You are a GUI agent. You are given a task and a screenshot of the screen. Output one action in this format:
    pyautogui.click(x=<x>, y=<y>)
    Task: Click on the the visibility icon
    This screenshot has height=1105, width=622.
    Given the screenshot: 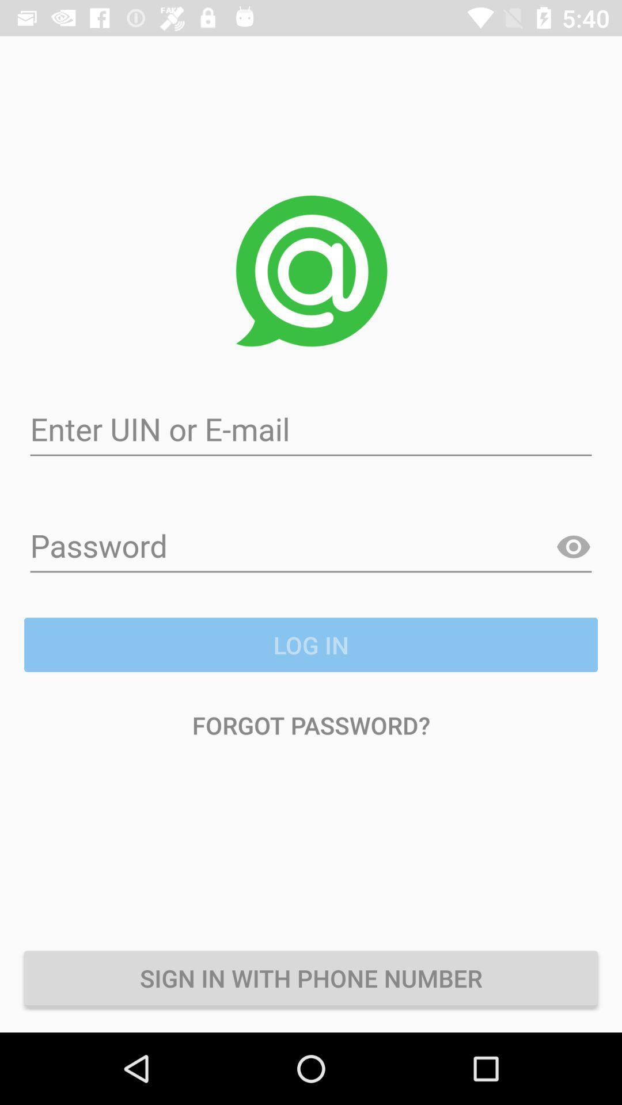 What is the action you would take?
    pyautogui.click(x=573, y=547)
    